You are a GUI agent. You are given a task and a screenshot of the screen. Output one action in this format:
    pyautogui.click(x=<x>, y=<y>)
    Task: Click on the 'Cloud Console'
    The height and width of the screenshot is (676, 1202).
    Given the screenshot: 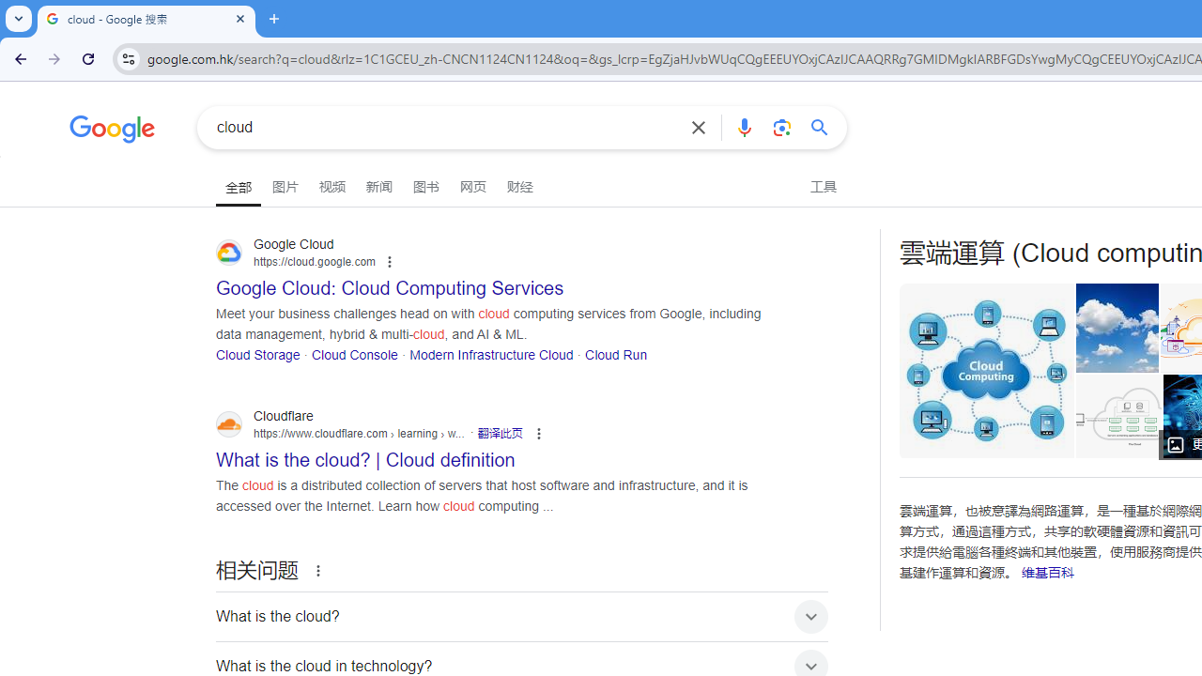 What is the action you would take?
    pyautogui.click(x=354, y=354)
    